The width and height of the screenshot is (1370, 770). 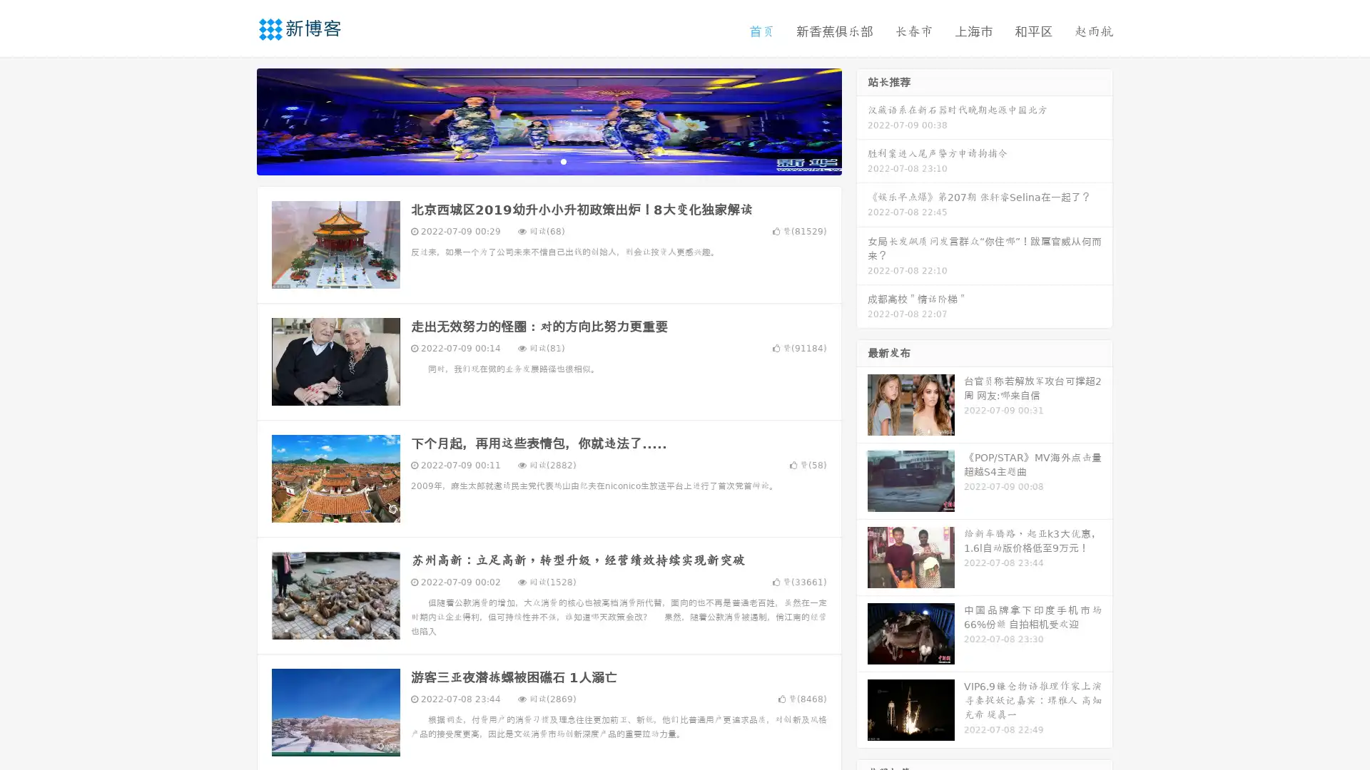 What do you see at coordinates (534, 160) in the screenshot?
I see `Go to slide 1` at bounding box center [534, 160].